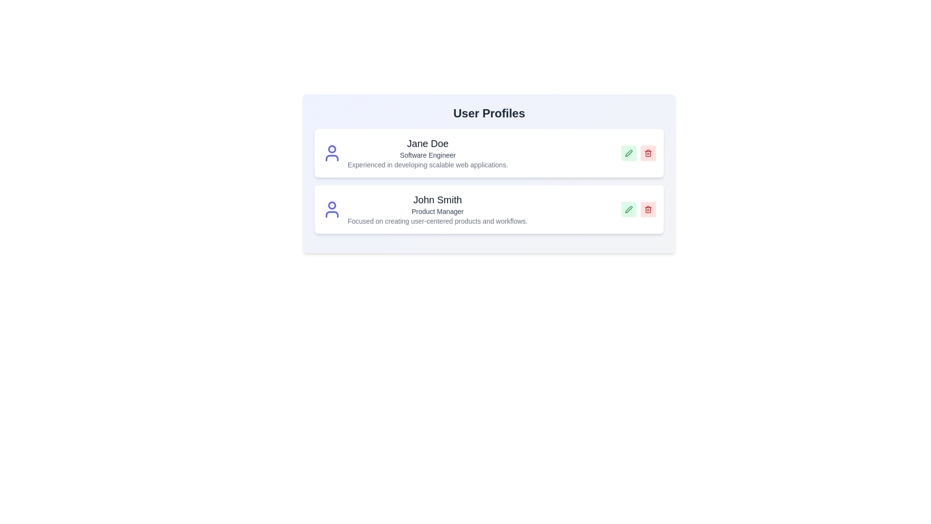 Image resolution: width=931 pixels, height=524 pixels. Describe the element at coordinates (628, 209) in the screenshot. I see `edit button for the user profile John Smith` at that location.